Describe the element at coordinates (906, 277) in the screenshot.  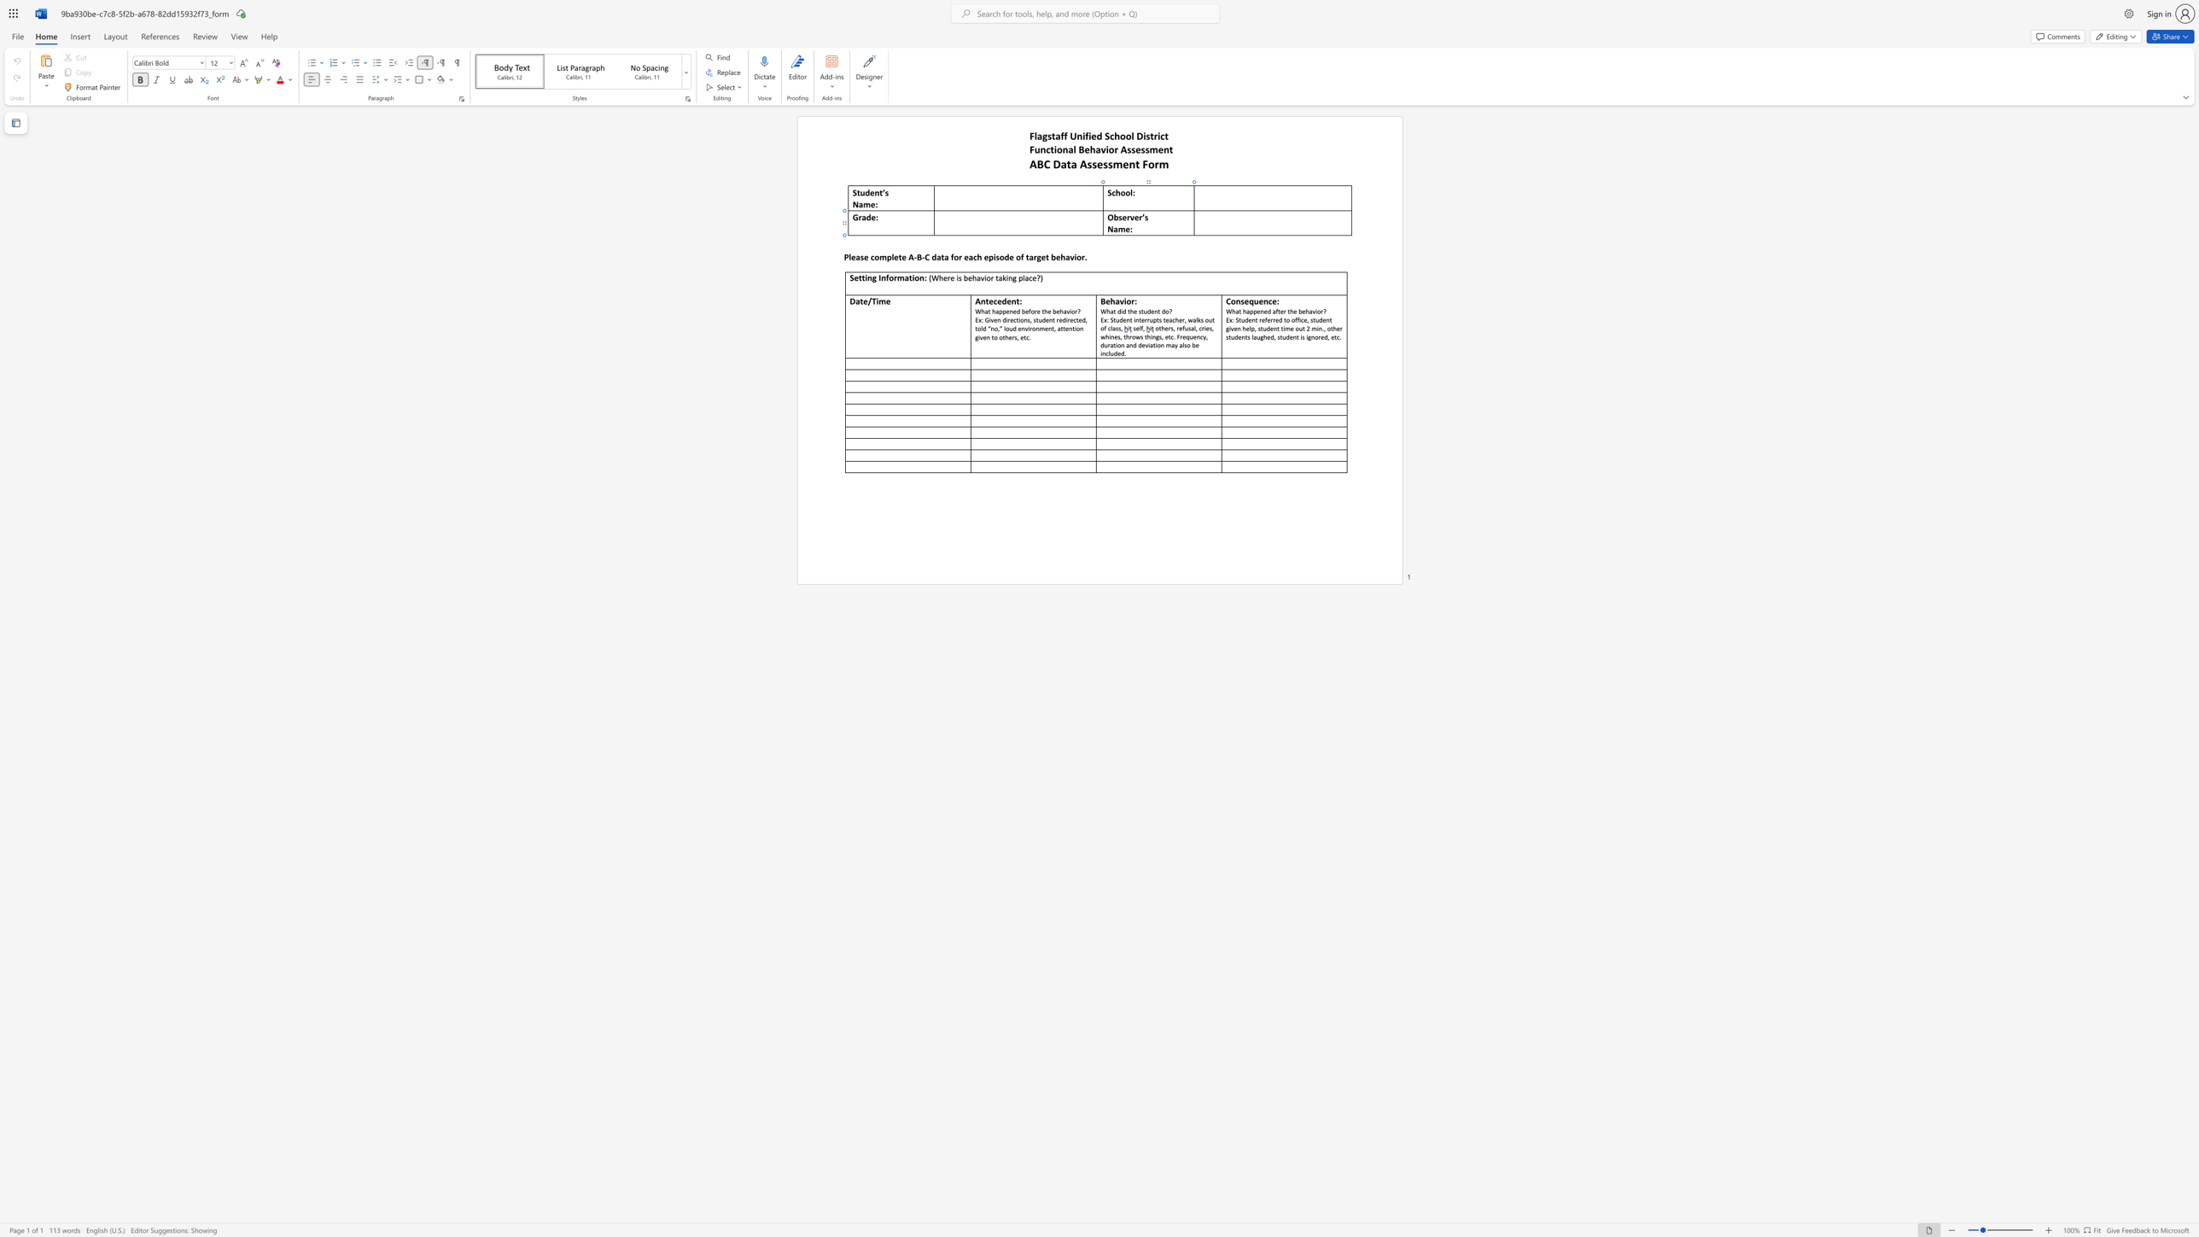
I see `the 1th character "a" in the text` at that location.